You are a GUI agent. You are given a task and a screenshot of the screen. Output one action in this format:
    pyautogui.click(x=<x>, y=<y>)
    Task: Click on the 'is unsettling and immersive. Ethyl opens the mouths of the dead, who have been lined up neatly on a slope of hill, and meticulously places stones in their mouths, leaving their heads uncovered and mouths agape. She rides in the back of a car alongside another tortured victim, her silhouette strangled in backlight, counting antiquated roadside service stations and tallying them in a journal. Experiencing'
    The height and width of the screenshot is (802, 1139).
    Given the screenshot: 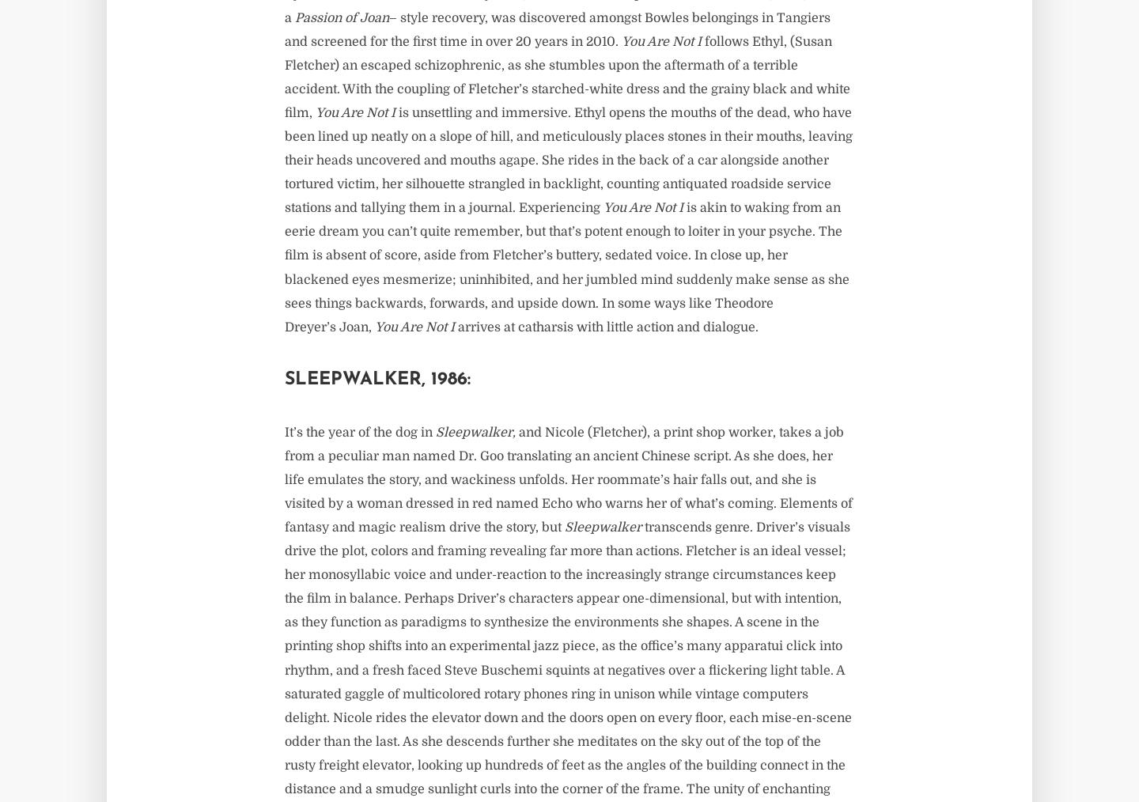 What is the action you would take?
    pyautogui.click(x=568, y=159)
    